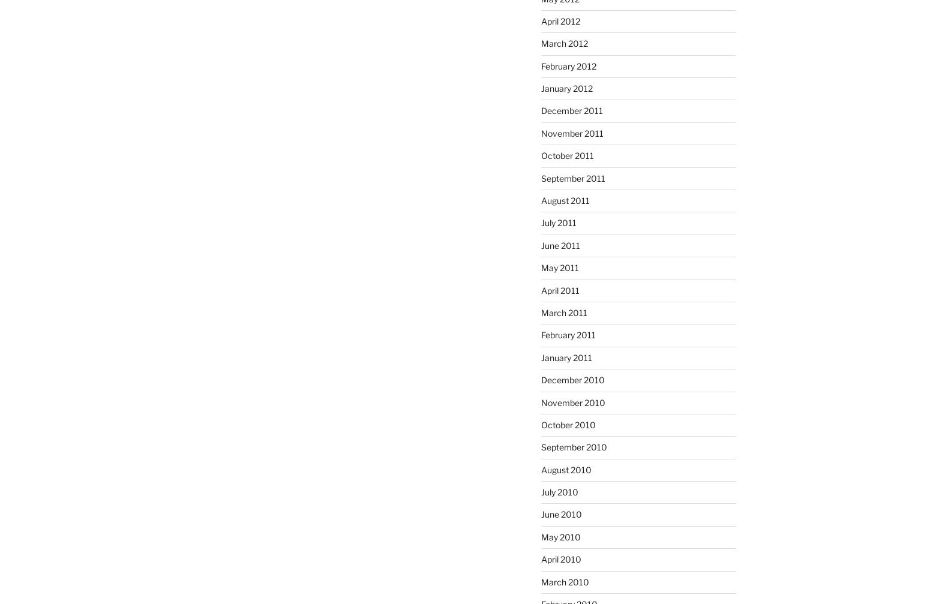 The height and width of the screenshot is (604, 930). Describe the element at coordinates (571, 133) in the screenshot. I see `'November 2011'` at that location.